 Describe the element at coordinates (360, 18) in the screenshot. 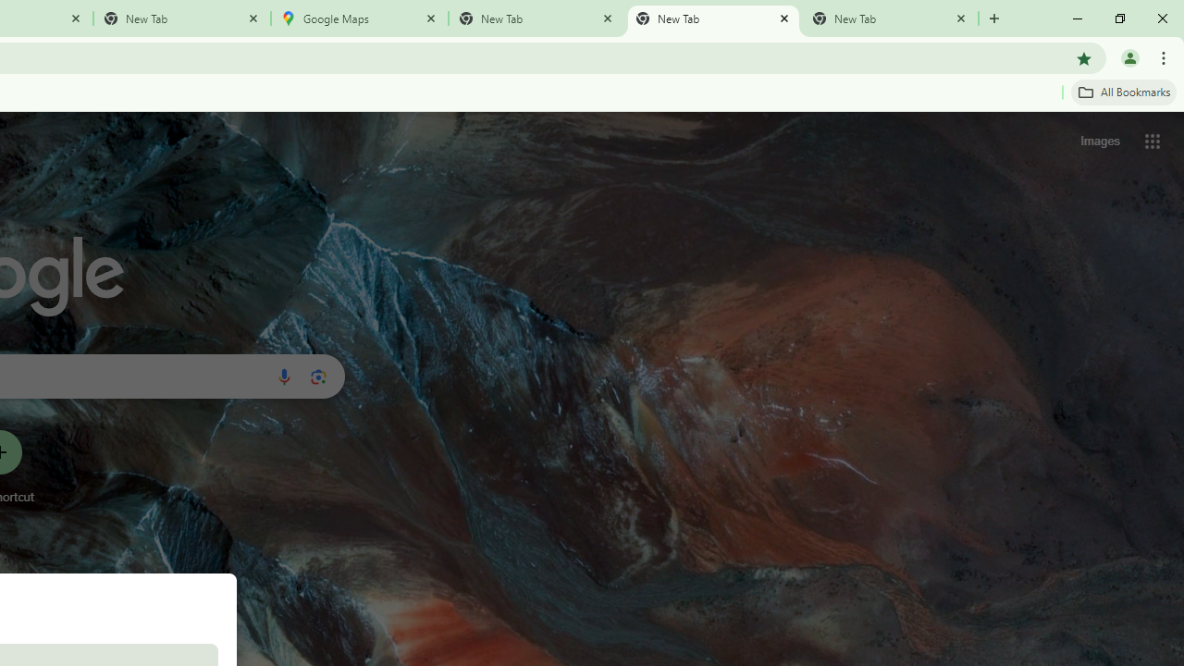

I see `'Google Maps'` at that location.